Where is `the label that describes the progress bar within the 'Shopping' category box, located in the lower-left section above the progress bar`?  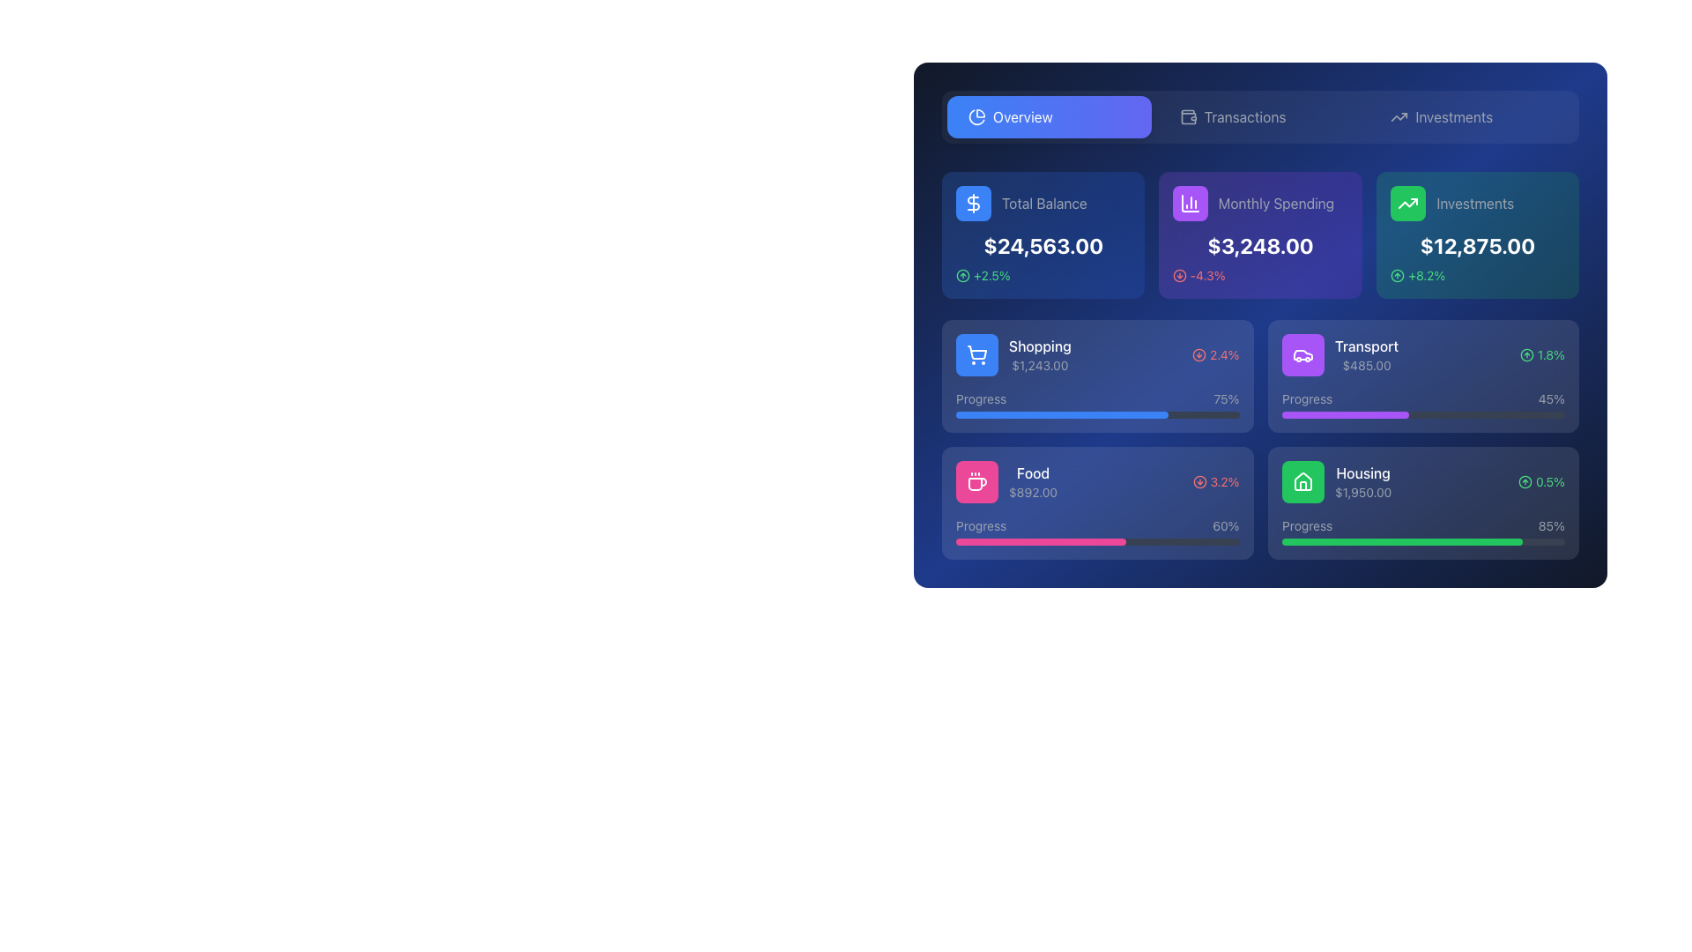 the label that describes the progress bar within the 'Shopping' category box, located in the lower-left section above the progress bar is located at coordinates (980, 398).